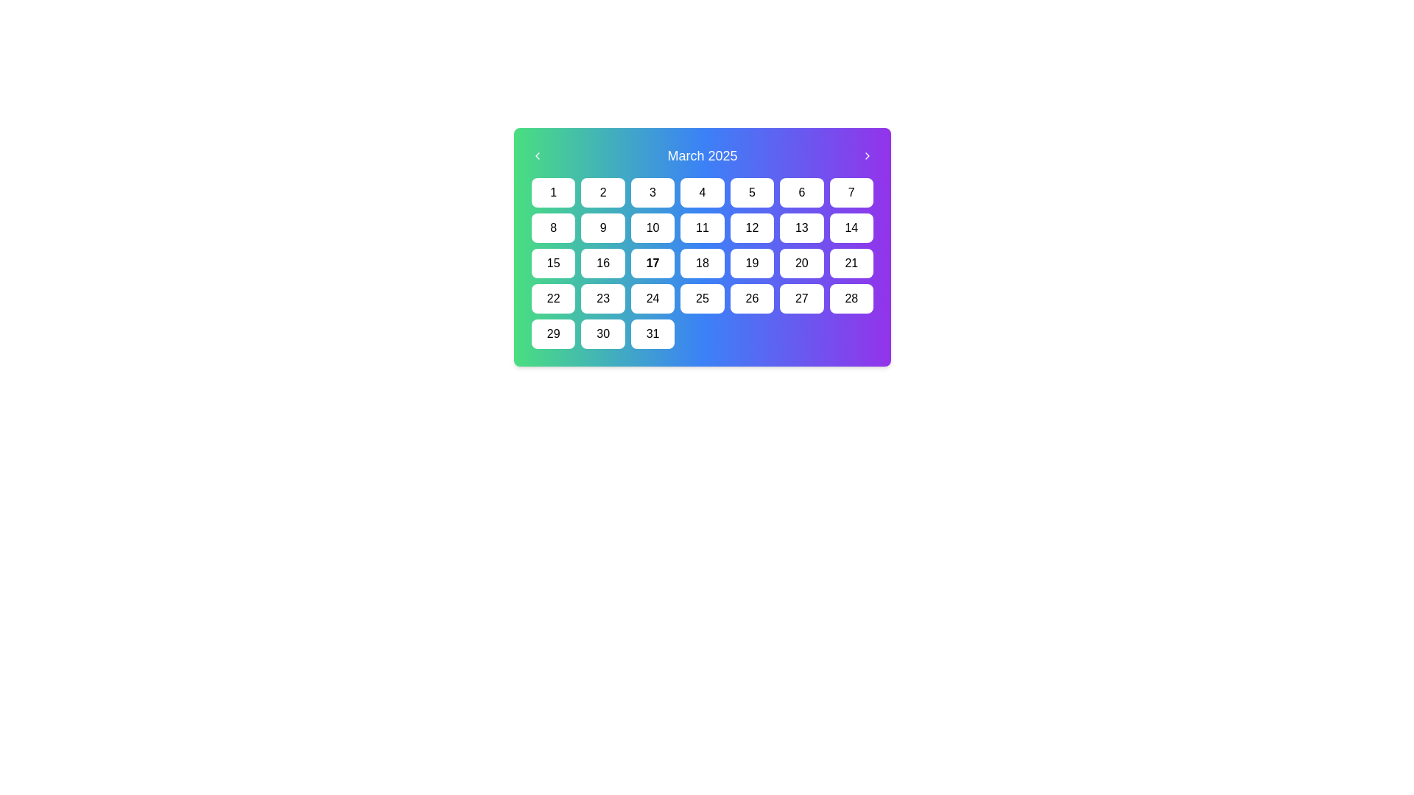 The image size is (1414, 795). What do you see at coordinates (752, 263) in the screenshot?
I see `the button representing the 19th day in the calendar view` at bounding box center [752, 263].